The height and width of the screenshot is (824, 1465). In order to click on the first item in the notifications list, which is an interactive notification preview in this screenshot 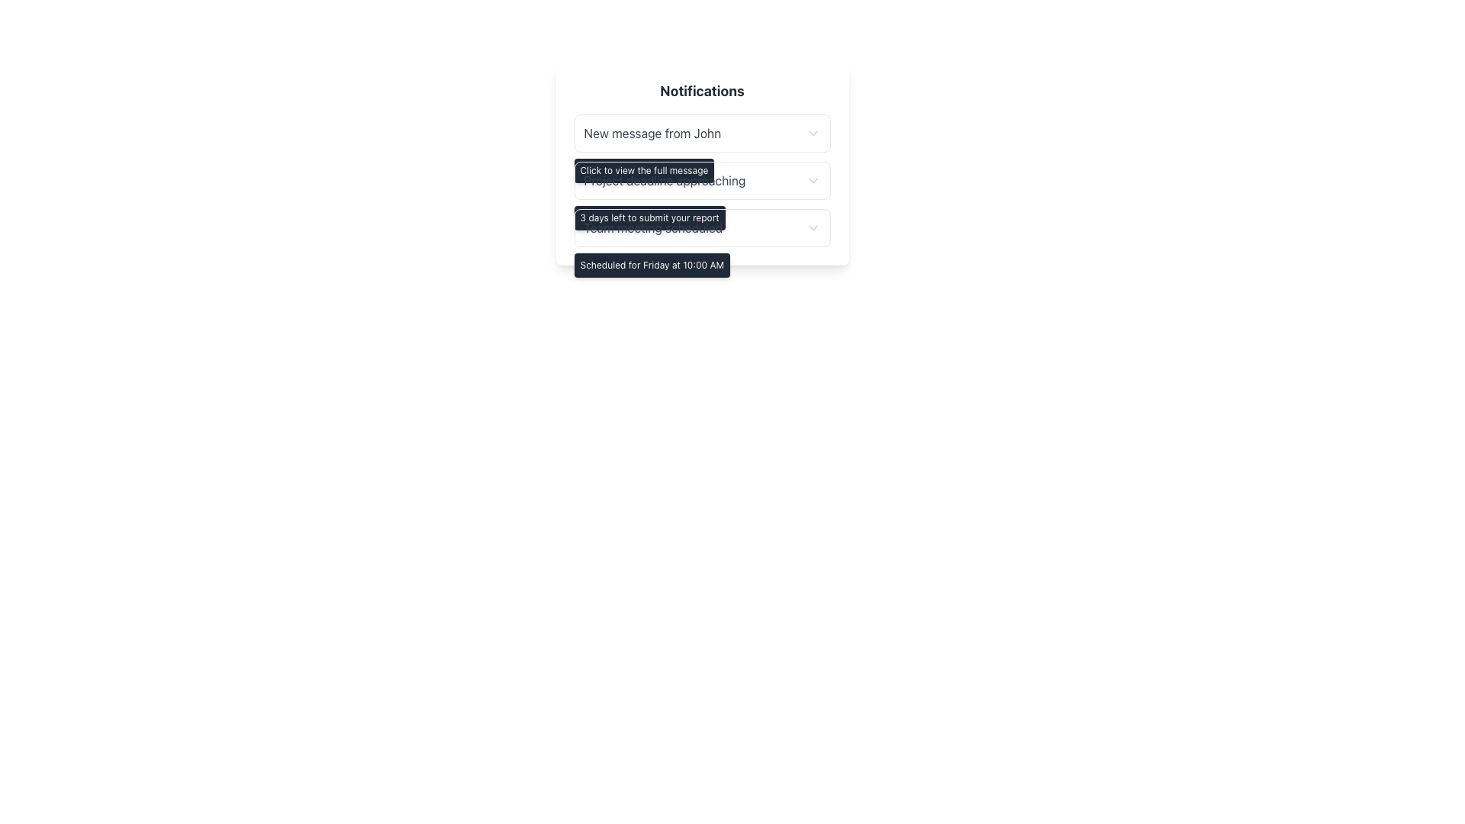, I will do `click(701, 132)`.